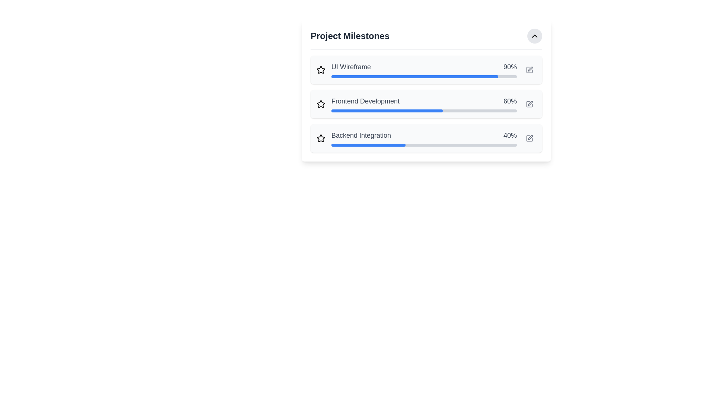  What do you see at coordinates (529, 104) in the screenshot?
I see `the small geometric icon resembling part of a square or rectangular outline, located within a rounded or square button to the right of the 'Frontend Development' progress bar` at bounding box center [529, 104].